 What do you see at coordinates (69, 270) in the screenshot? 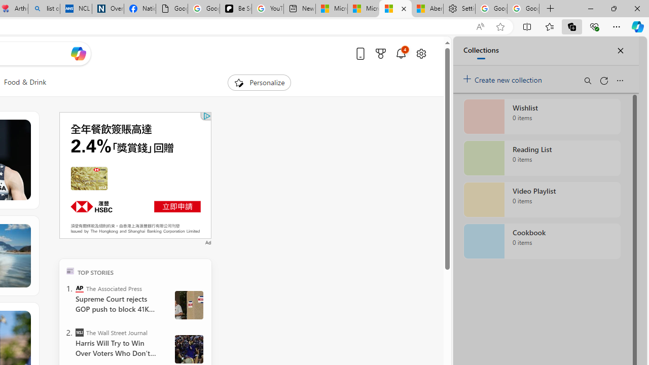
I see `'TOP'` at bounding box center [69, 270].